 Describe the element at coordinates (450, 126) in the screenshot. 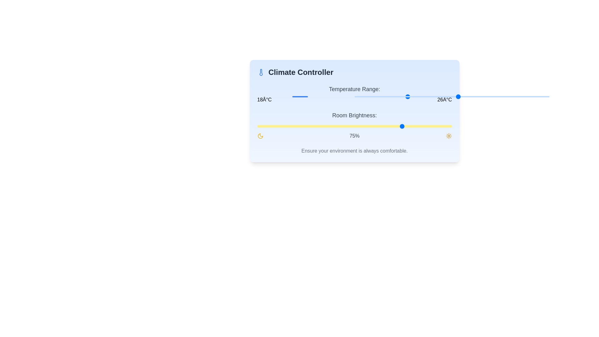

I see `the room brightness` at that location.